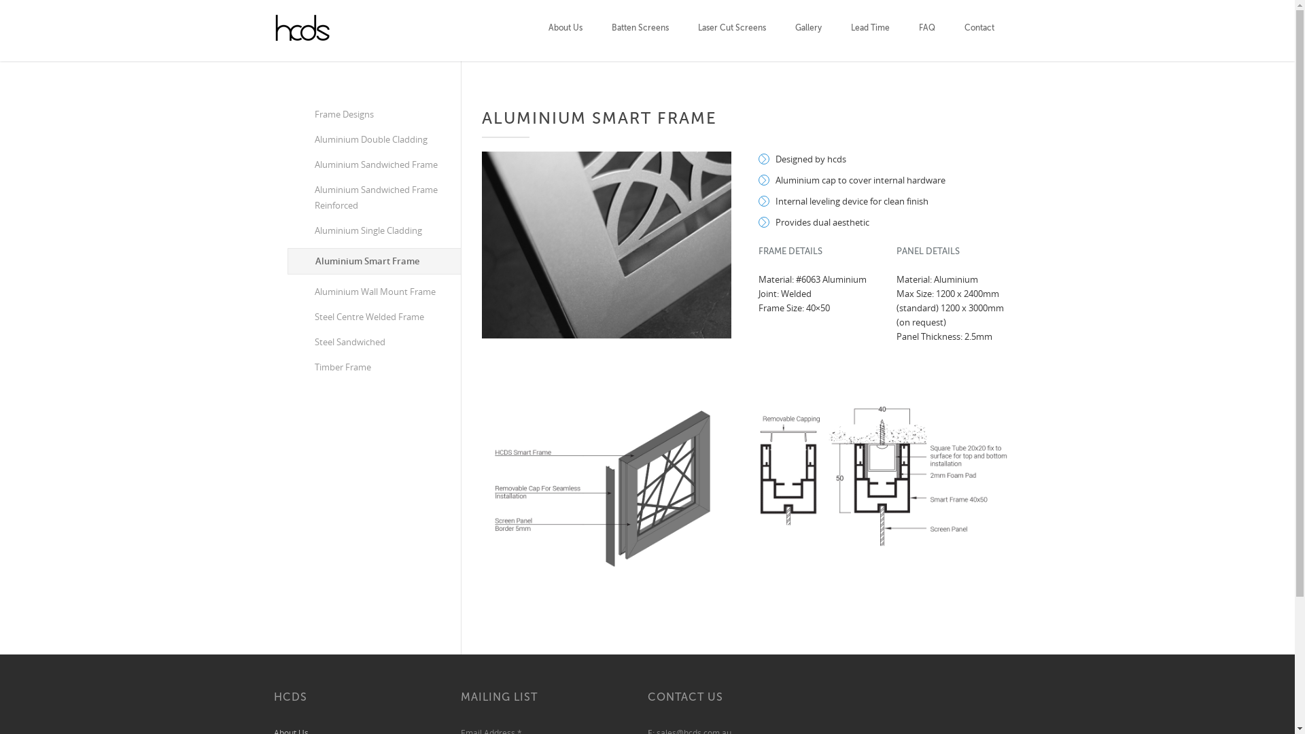 The width and height of the screenshot is (1305, 734). I want to click on 'Lead Time', so click(850, 31).